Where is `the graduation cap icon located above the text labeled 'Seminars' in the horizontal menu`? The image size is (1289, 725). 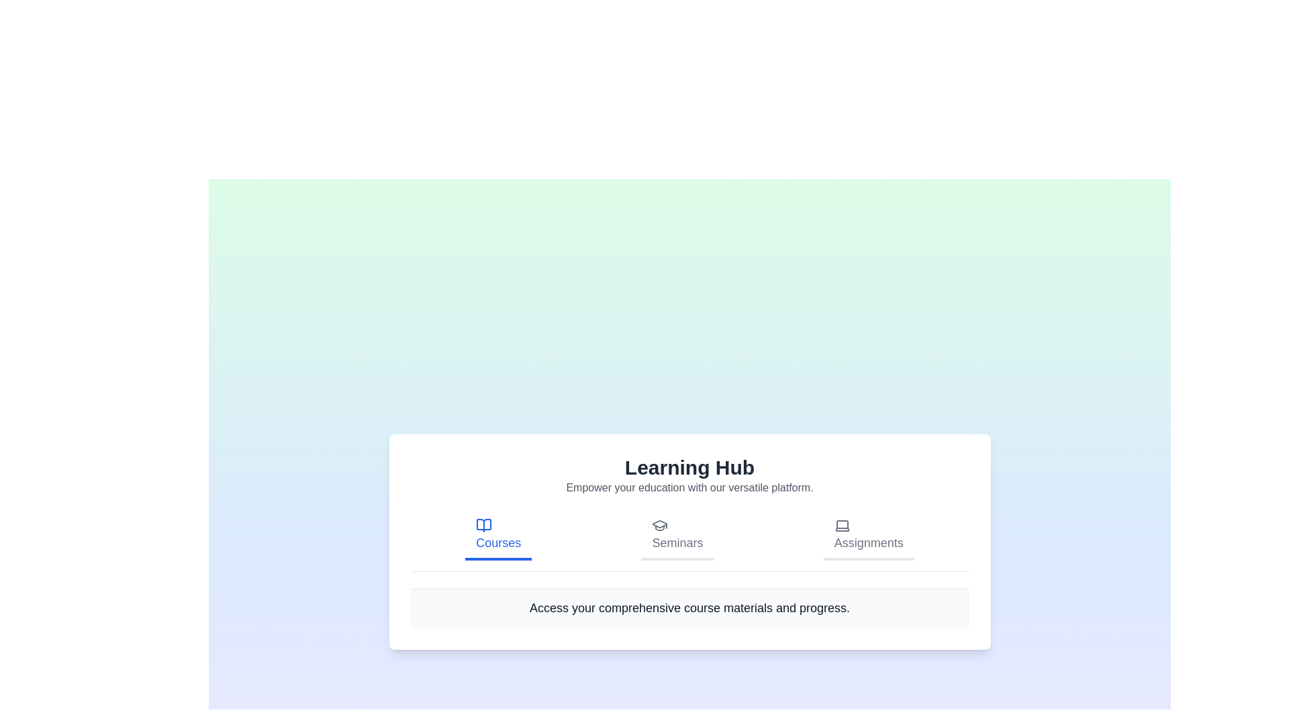
the graduation cap icon located above the text labeled 'Seminars' in the horizontal menu is located at coordinates (660, 524).